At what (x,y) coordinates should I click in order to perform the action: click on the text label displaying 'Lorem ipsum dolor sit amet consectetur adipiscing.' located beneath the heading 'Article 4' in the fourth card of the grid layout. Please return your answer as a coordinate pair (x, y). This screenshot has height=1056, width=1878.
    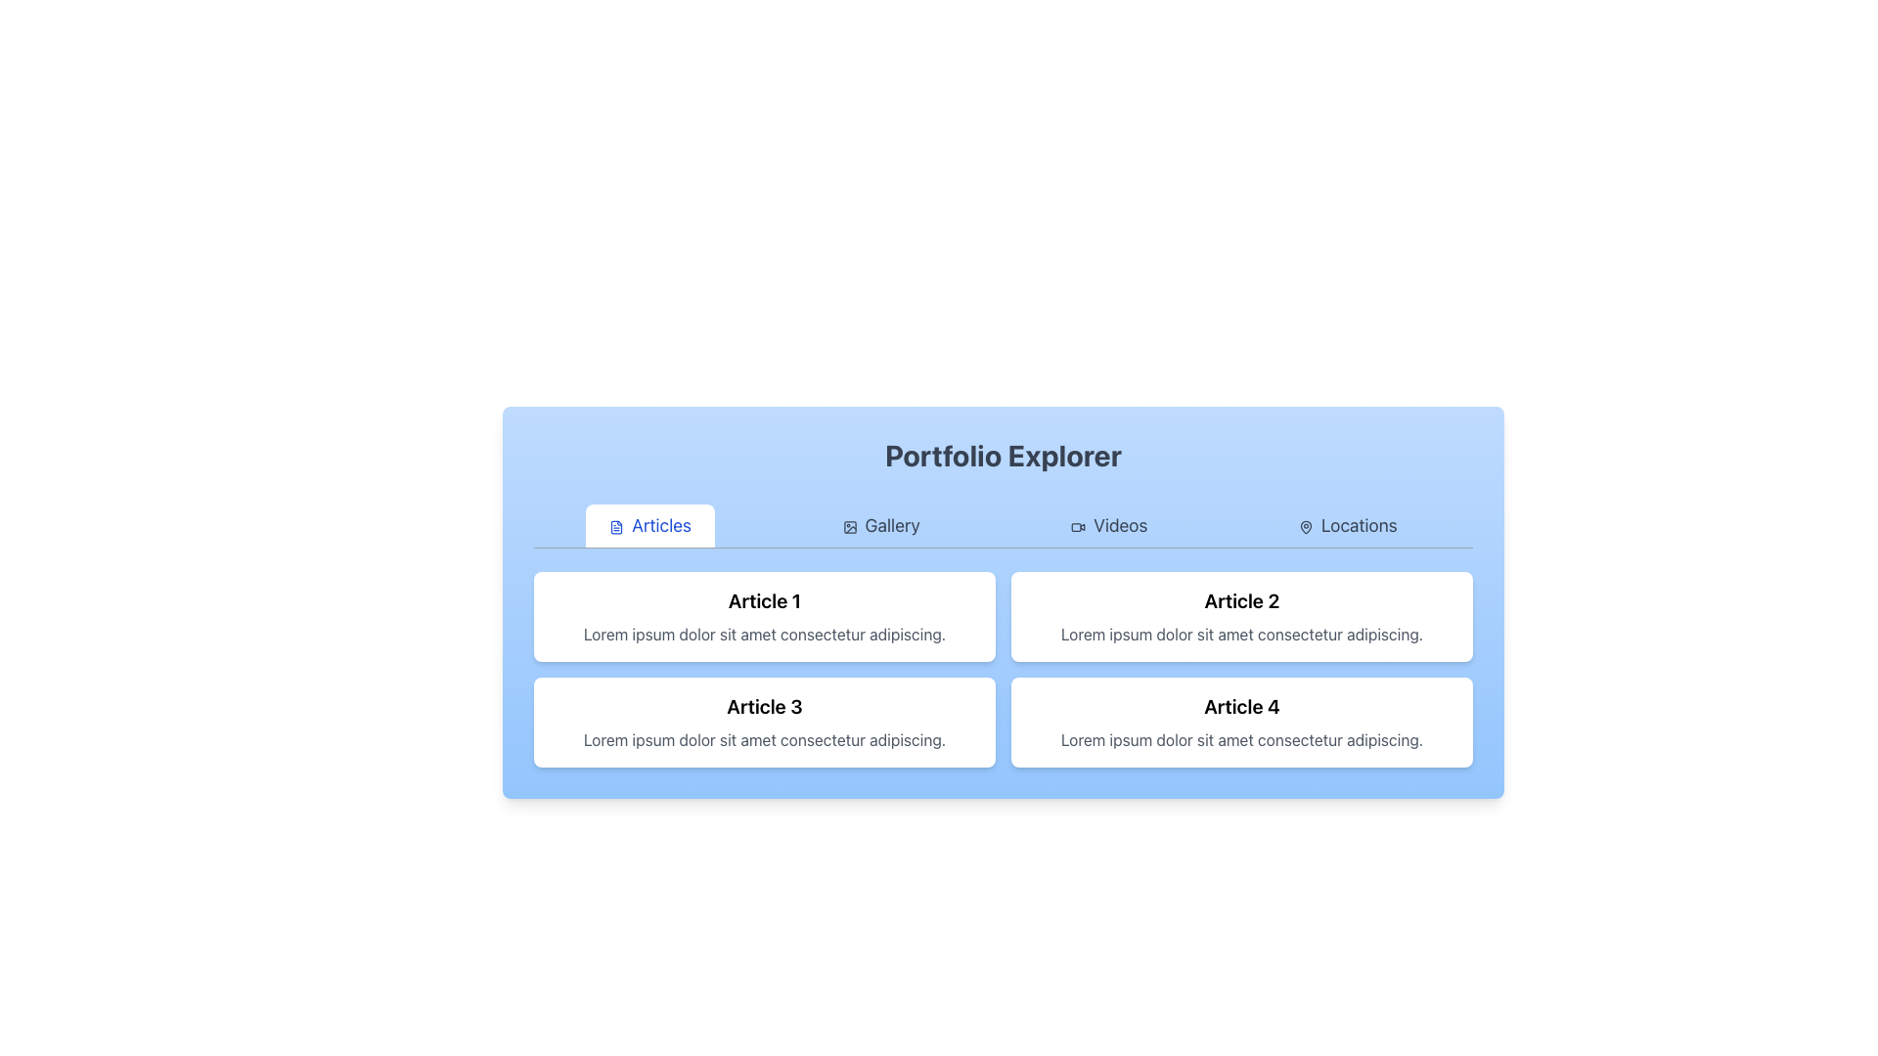
    Looking at the image, I should click on (1241, 739).